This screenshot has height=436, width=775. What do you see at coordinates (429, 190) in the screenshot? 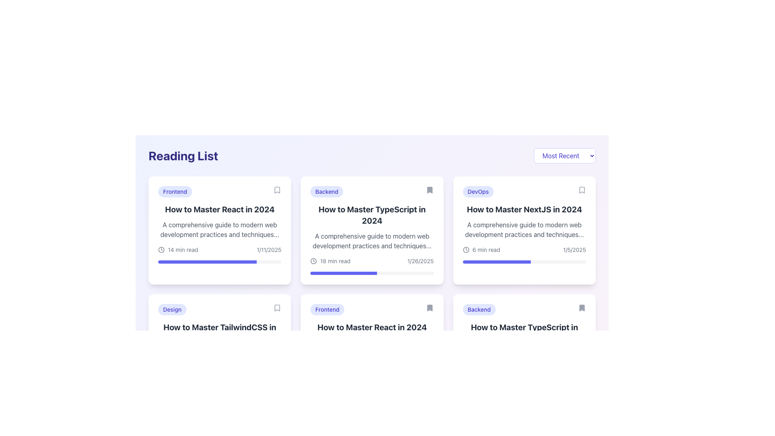
I see `the gray bookmark-shaped icon in the top right corner of the 'Backend' card` at bounding box center [429, 190].